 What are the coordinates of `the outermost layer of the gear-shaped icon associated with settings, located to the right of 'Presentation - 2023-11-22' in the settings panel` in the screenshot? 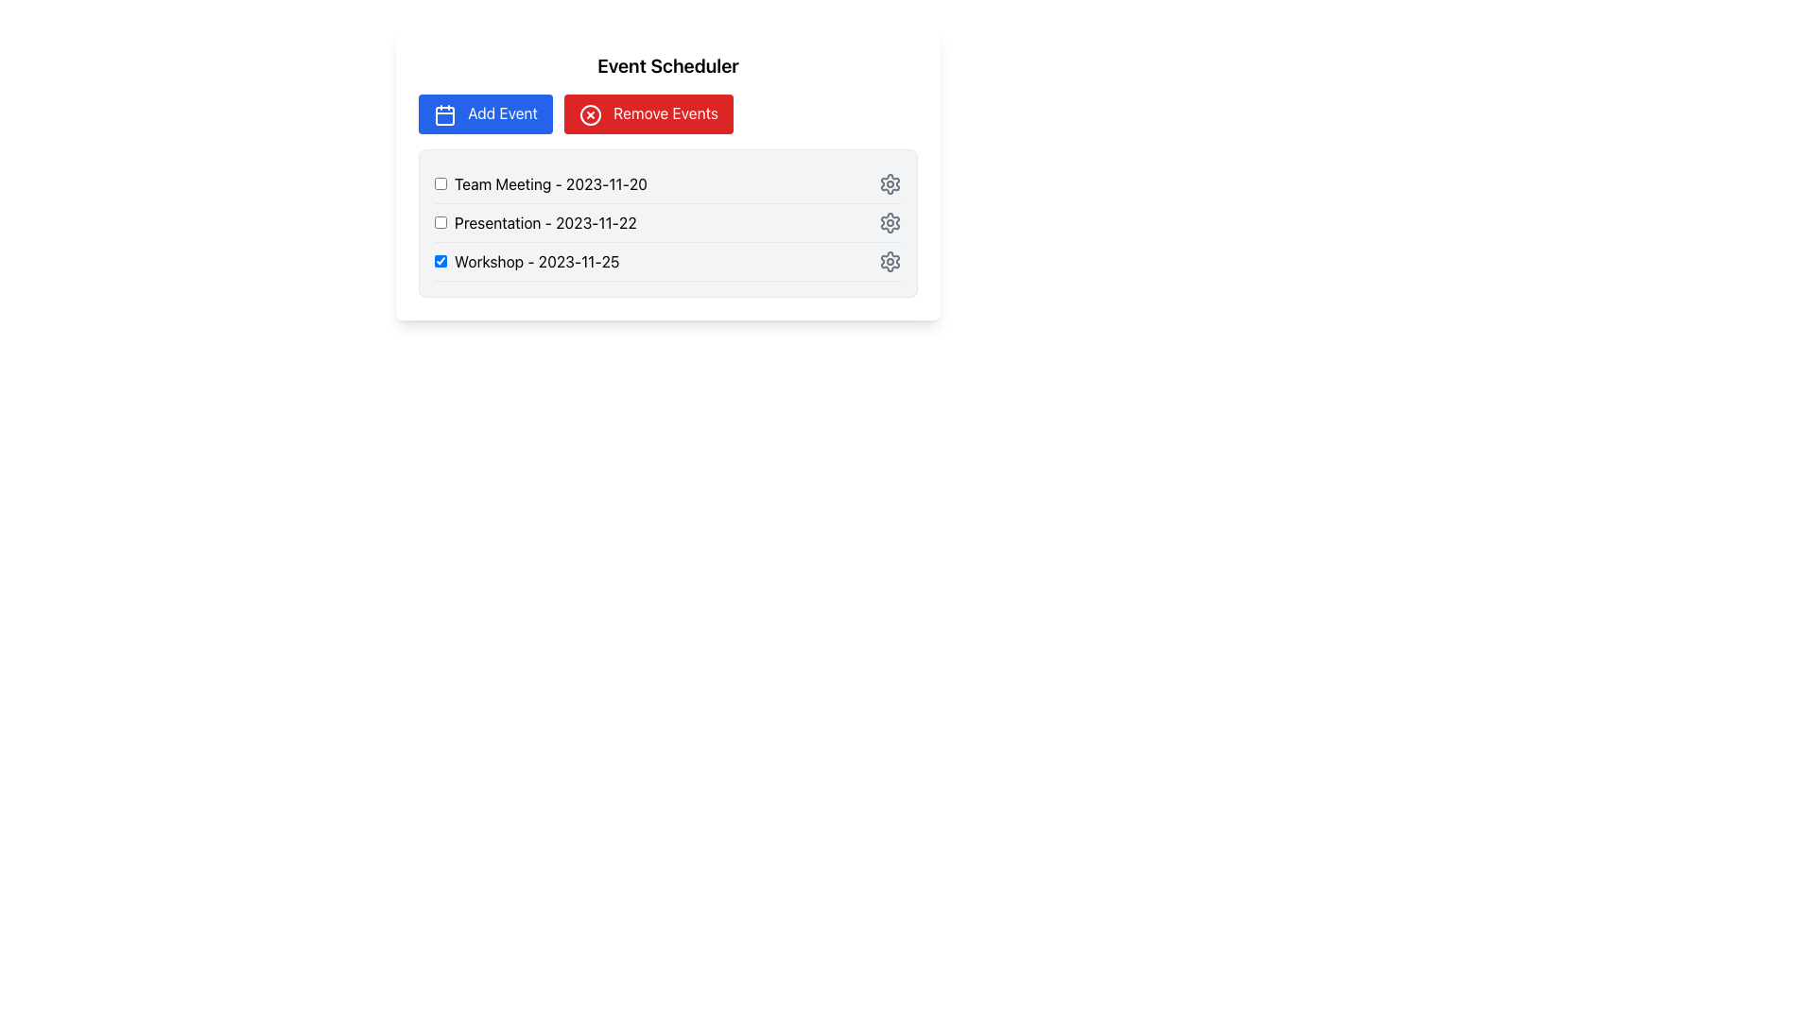 It's located at (889, 221).